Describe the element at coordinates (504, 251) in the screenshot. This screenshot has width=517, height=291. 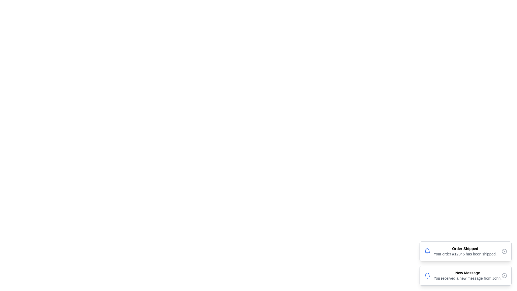
I see `close button on the notification to dismiss it` at that location.